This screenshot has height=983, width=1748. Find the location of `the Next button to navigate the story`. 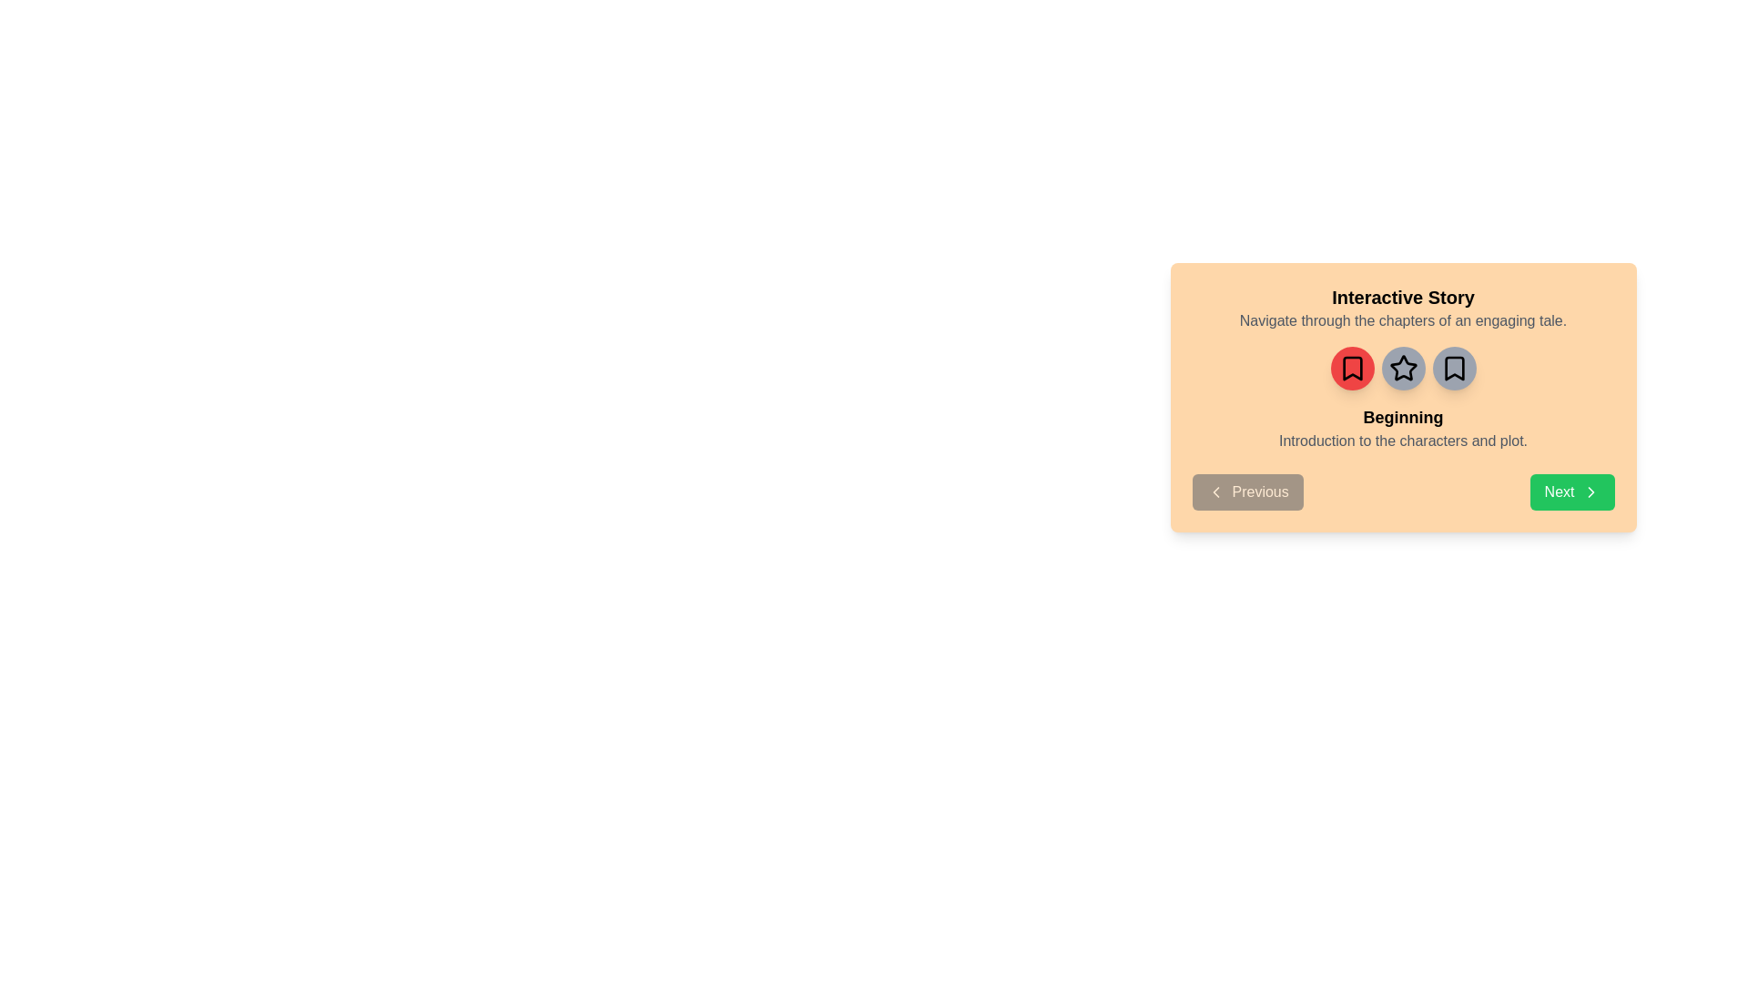

the Next button to navigate the story is located at coordinates (1571, 491).